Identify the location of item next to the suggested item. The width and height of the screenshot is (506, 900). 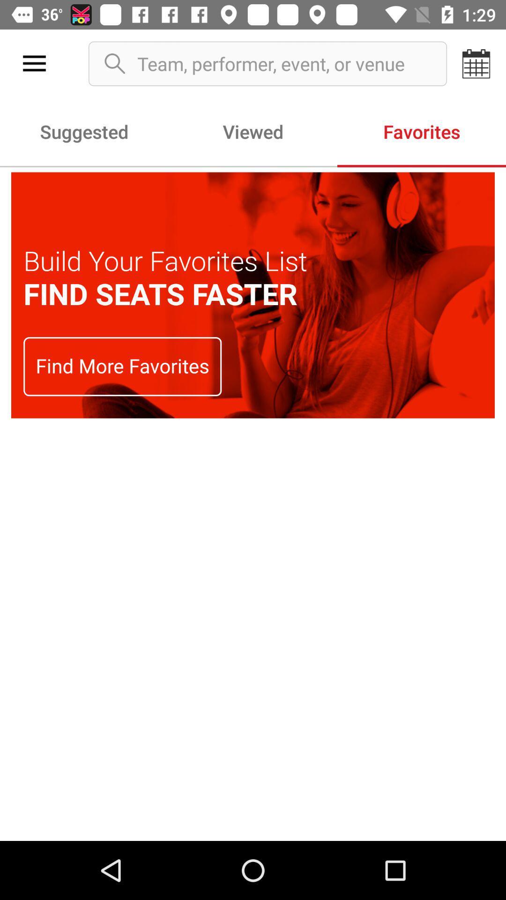
(253, 131).